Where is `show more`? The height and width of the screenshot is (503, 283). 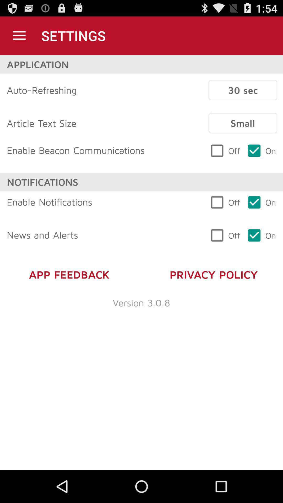 show more is located at coordinates (19, 35).